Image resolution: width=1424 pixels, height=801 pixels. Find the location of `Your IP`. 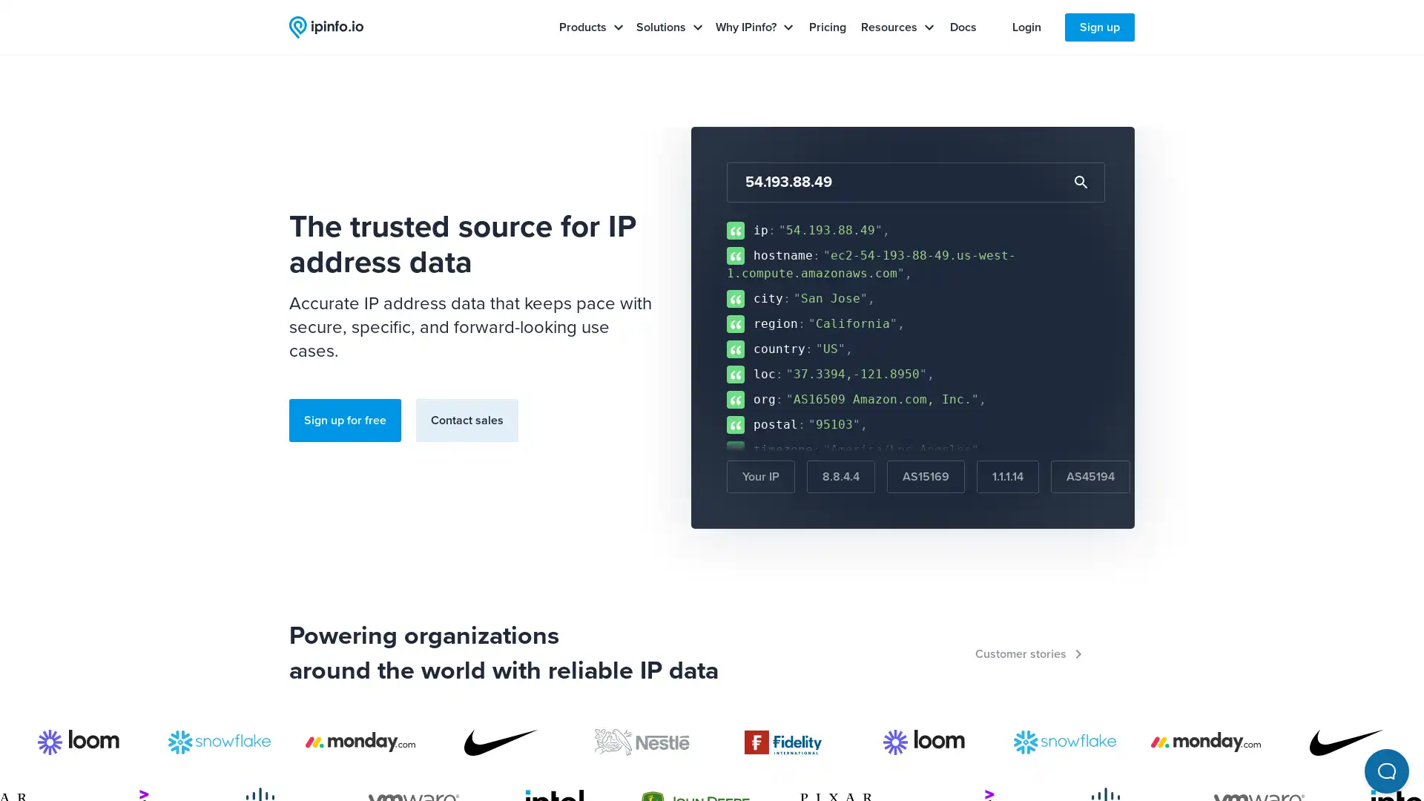

Your IP is located at coordinates (761, 477).